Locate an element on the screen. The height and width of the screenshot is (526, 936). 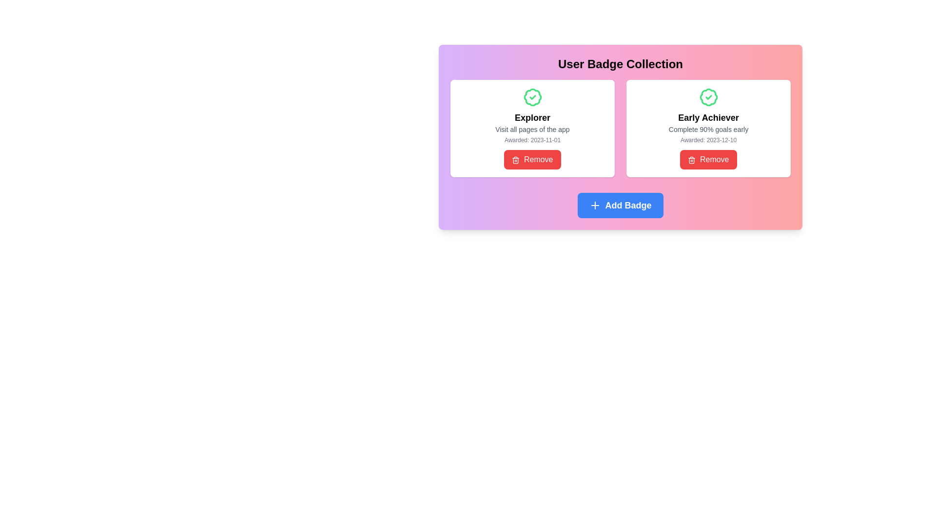
the text label that provides a brief description or subtitle related to the Explorer badge, located within the 'Explorer' card in the top-left section of the user badge collection layout is located at coordinates (532, 129).